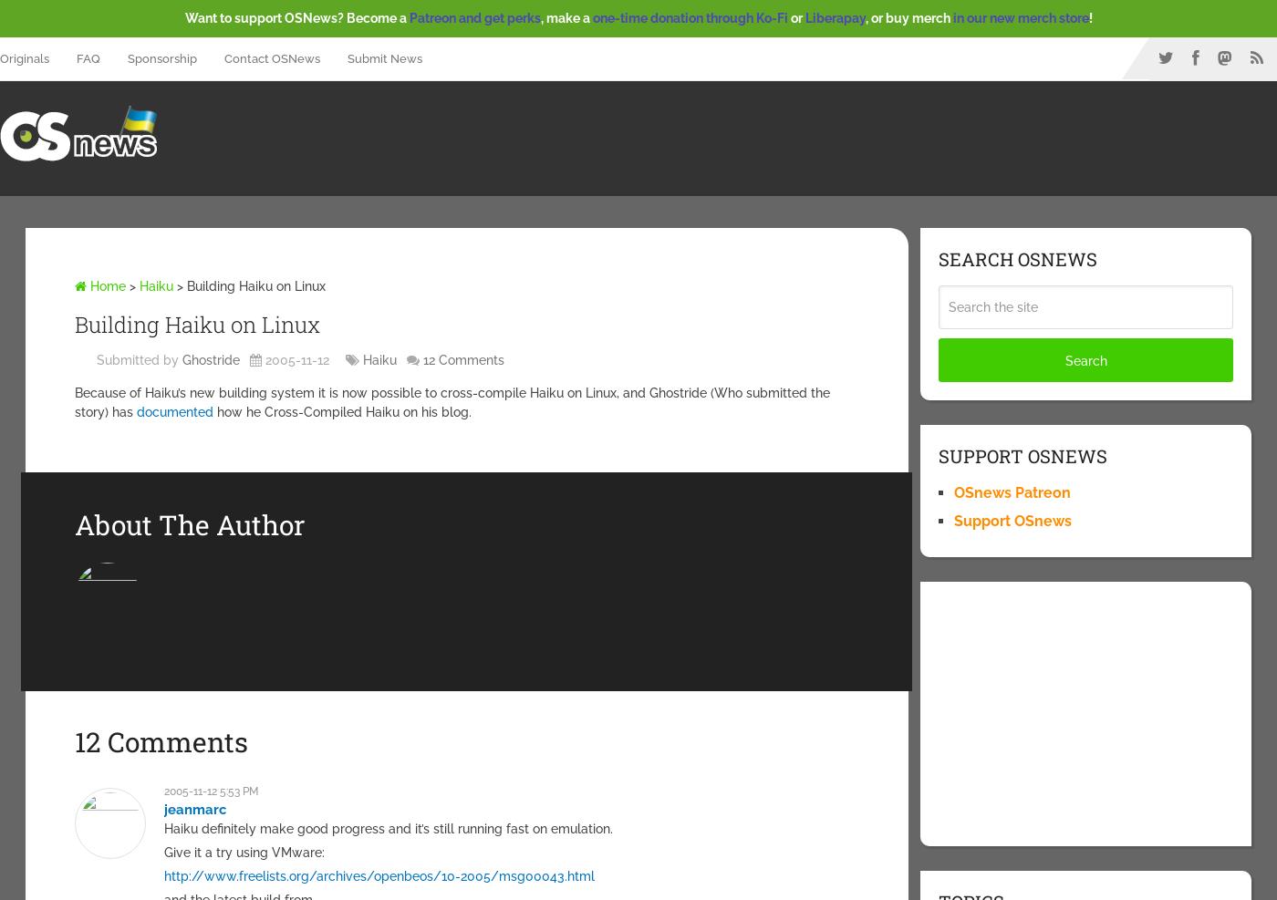  I want to click on 'Want to support OSNews? Become a', so click(296, 17).